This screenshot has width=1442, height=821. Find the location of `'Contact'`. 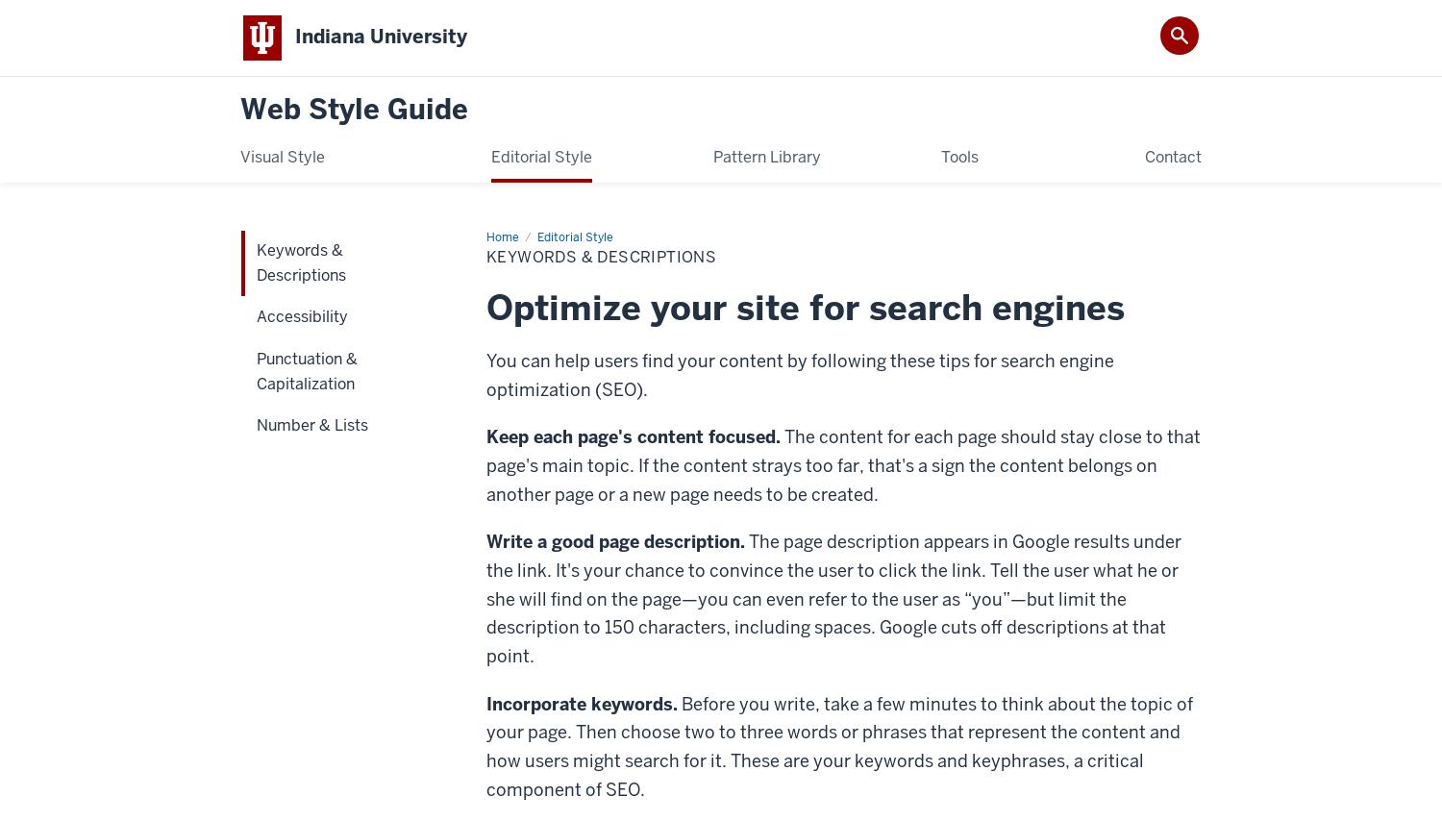

'Contact' is located at coordinates (1172, 156).